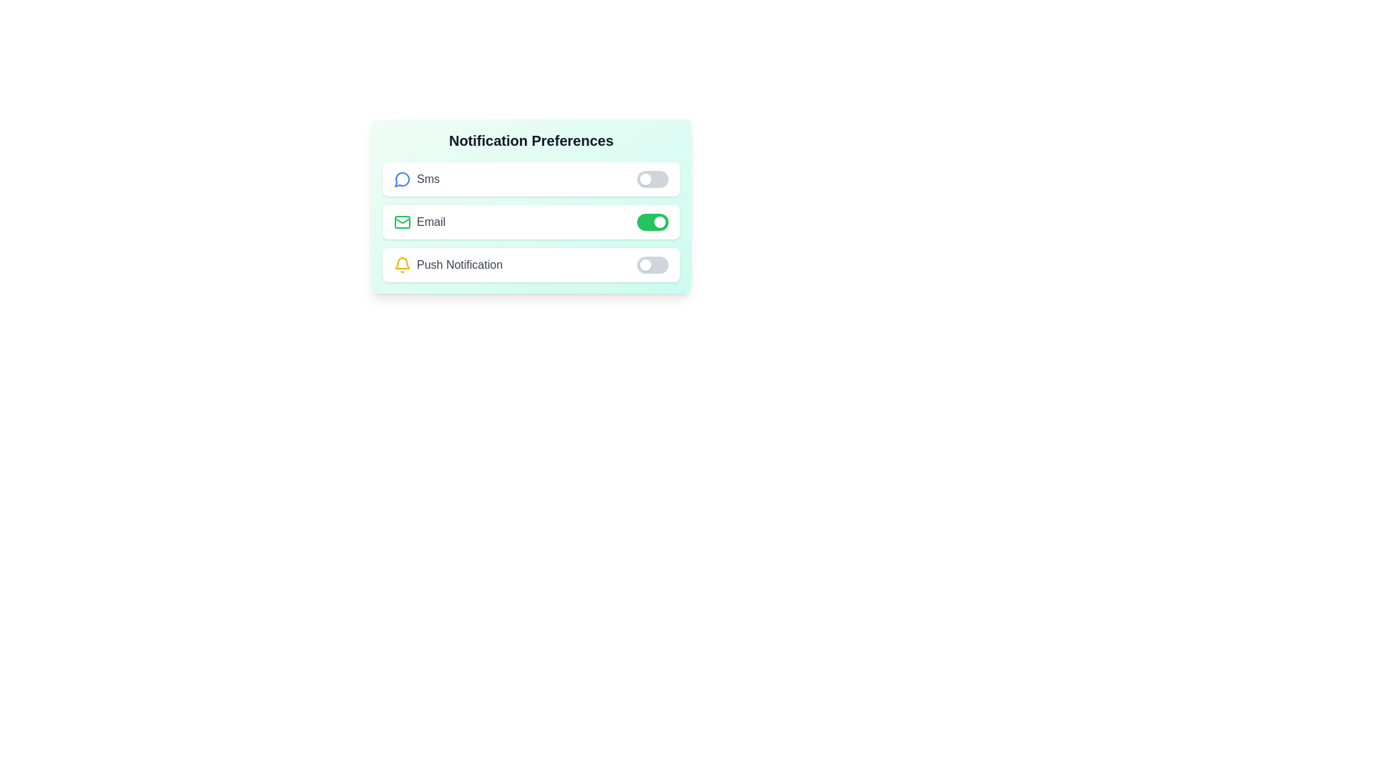 The height and width of the screenshot is (772, 1373). What do you see at coordinates (460, 264) in the screenshot?
I see `the Text Label that indicates the functionality of the nearby toggle switch for push notifications, located in the third row of notification preferences` at bounding box center [460, 264].